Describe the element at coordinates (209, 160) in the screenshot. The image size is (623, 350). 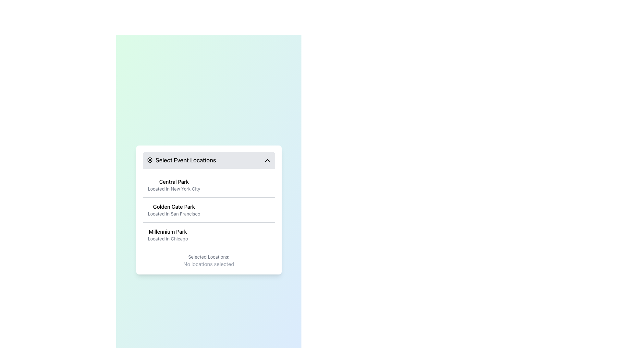
I see `the Collapsible Header element that serves as a title for a collapsible menu, allowing users to reveal or hide event locations` at that location.